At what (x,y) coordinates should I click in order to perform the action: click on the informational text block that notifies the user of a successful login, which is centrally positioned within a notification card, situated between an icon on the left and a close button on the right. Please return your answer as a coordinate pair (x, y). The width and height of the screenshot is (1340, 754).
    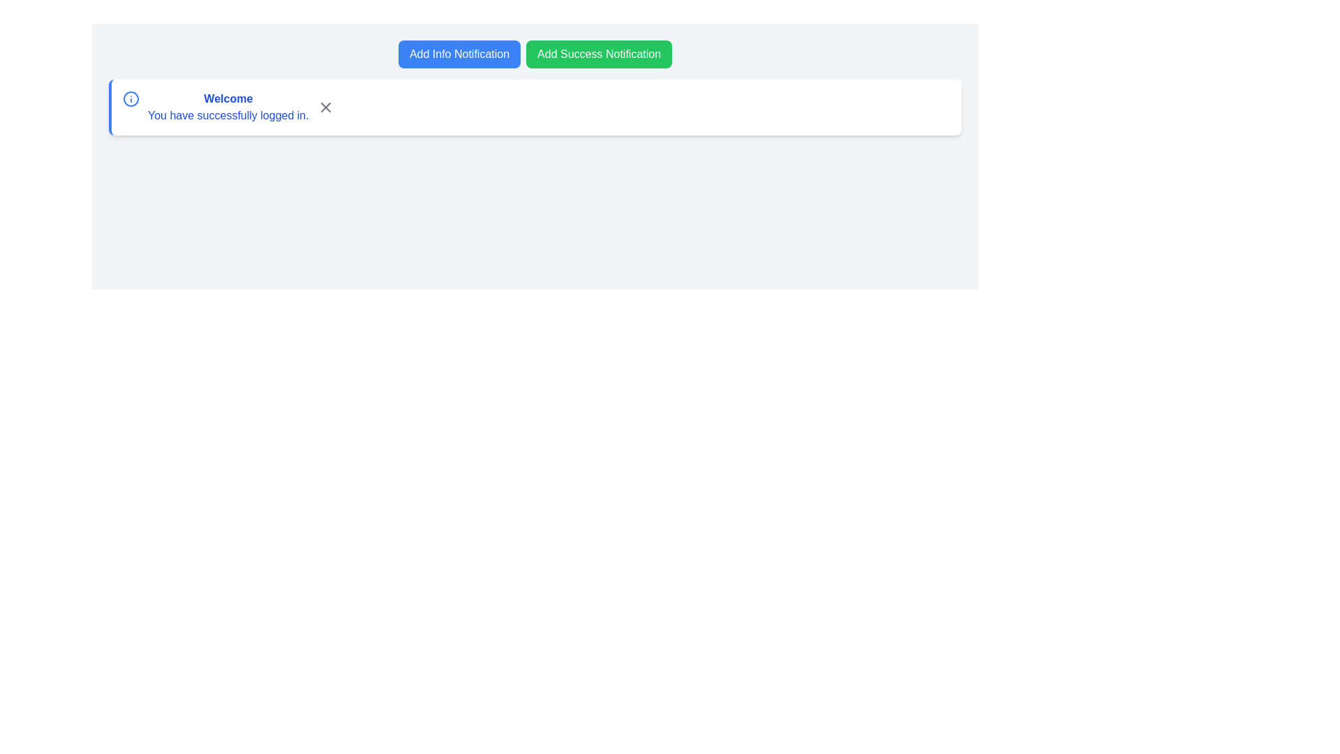
    Looking at the image, I should click on (228, 107).